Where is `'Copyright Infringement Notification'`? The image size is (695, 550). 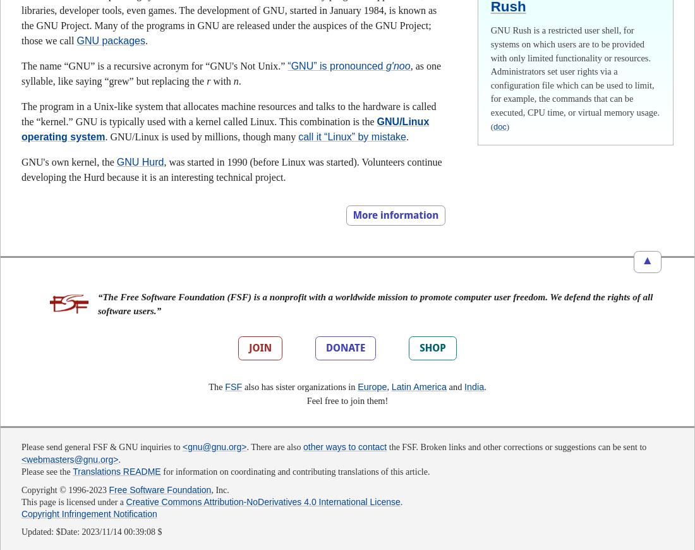 'Copyright Infringement Notification' is located at coordinates (88, 514).